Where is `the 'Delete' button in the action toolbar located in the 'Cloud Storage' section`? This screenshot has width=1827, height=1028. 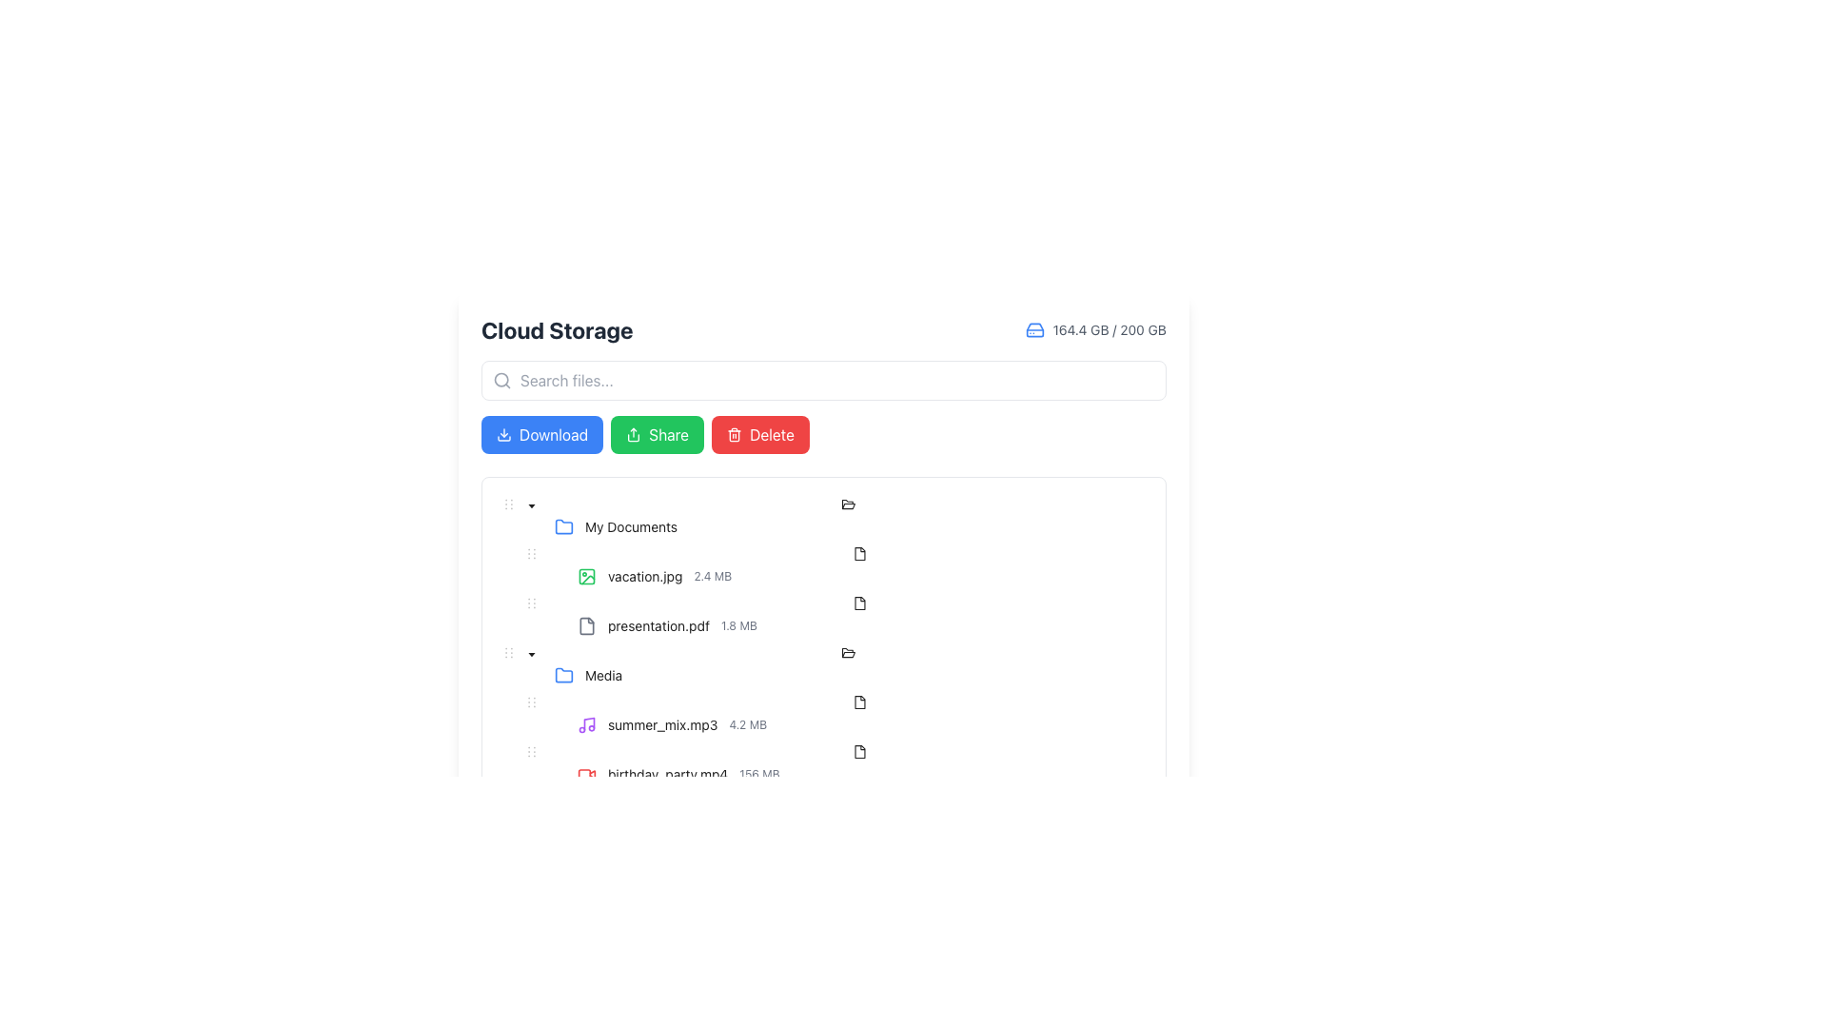
the 'Delete' button in the action toolbar located in the 'Cloud Storage' section is located at coordinates (823, 434).